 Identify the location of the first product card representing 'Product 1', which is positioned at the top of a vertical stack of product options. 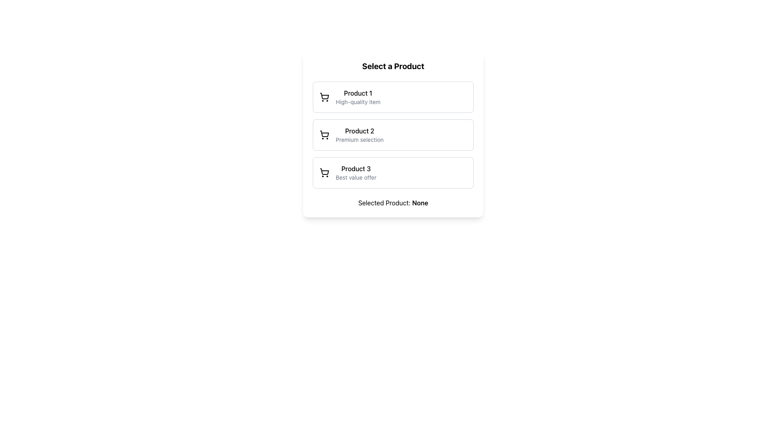
(393, 97).